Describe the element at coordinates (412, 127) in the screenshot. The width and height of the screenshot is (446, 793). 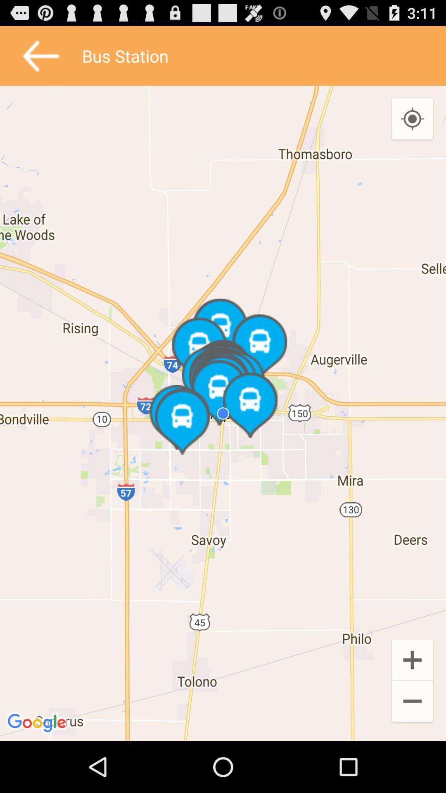
I see `the location_crosshair icon` at that location.